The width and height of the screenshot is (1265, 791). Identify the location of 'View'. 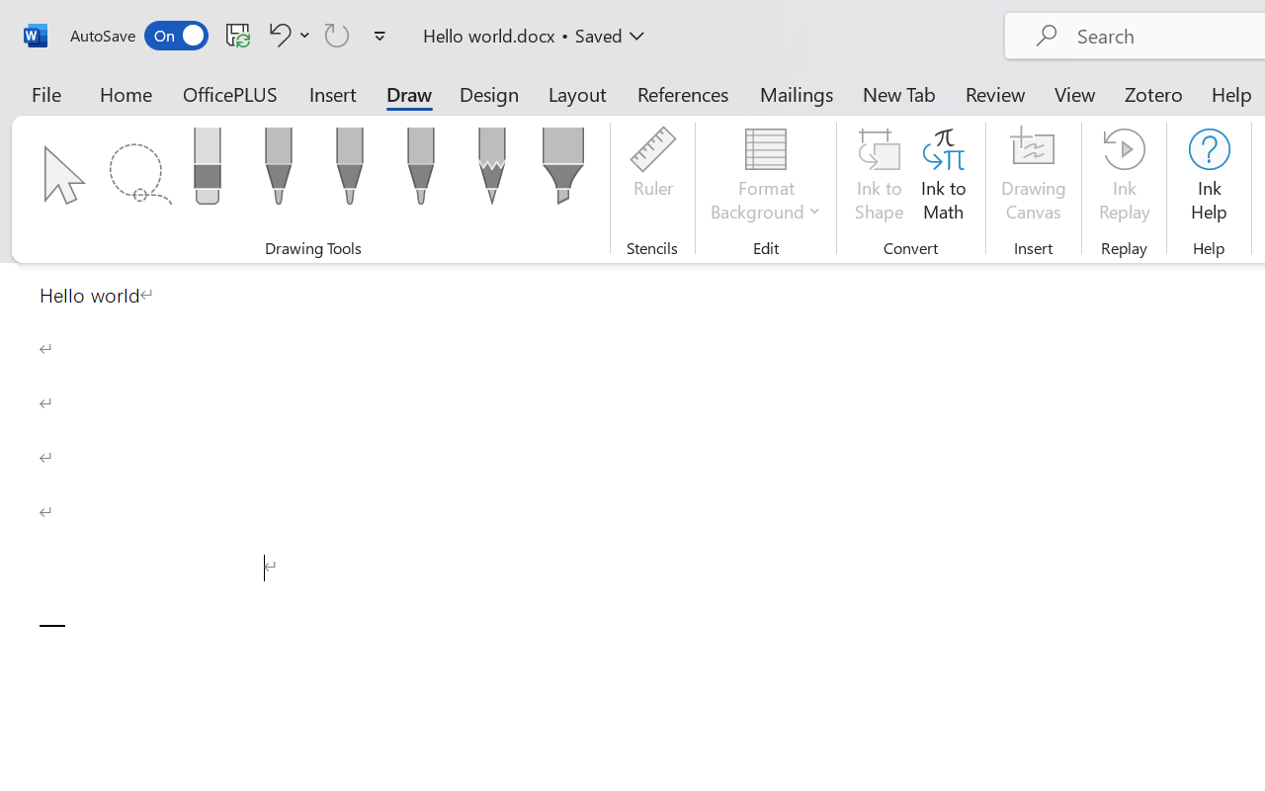
(1074, 93).